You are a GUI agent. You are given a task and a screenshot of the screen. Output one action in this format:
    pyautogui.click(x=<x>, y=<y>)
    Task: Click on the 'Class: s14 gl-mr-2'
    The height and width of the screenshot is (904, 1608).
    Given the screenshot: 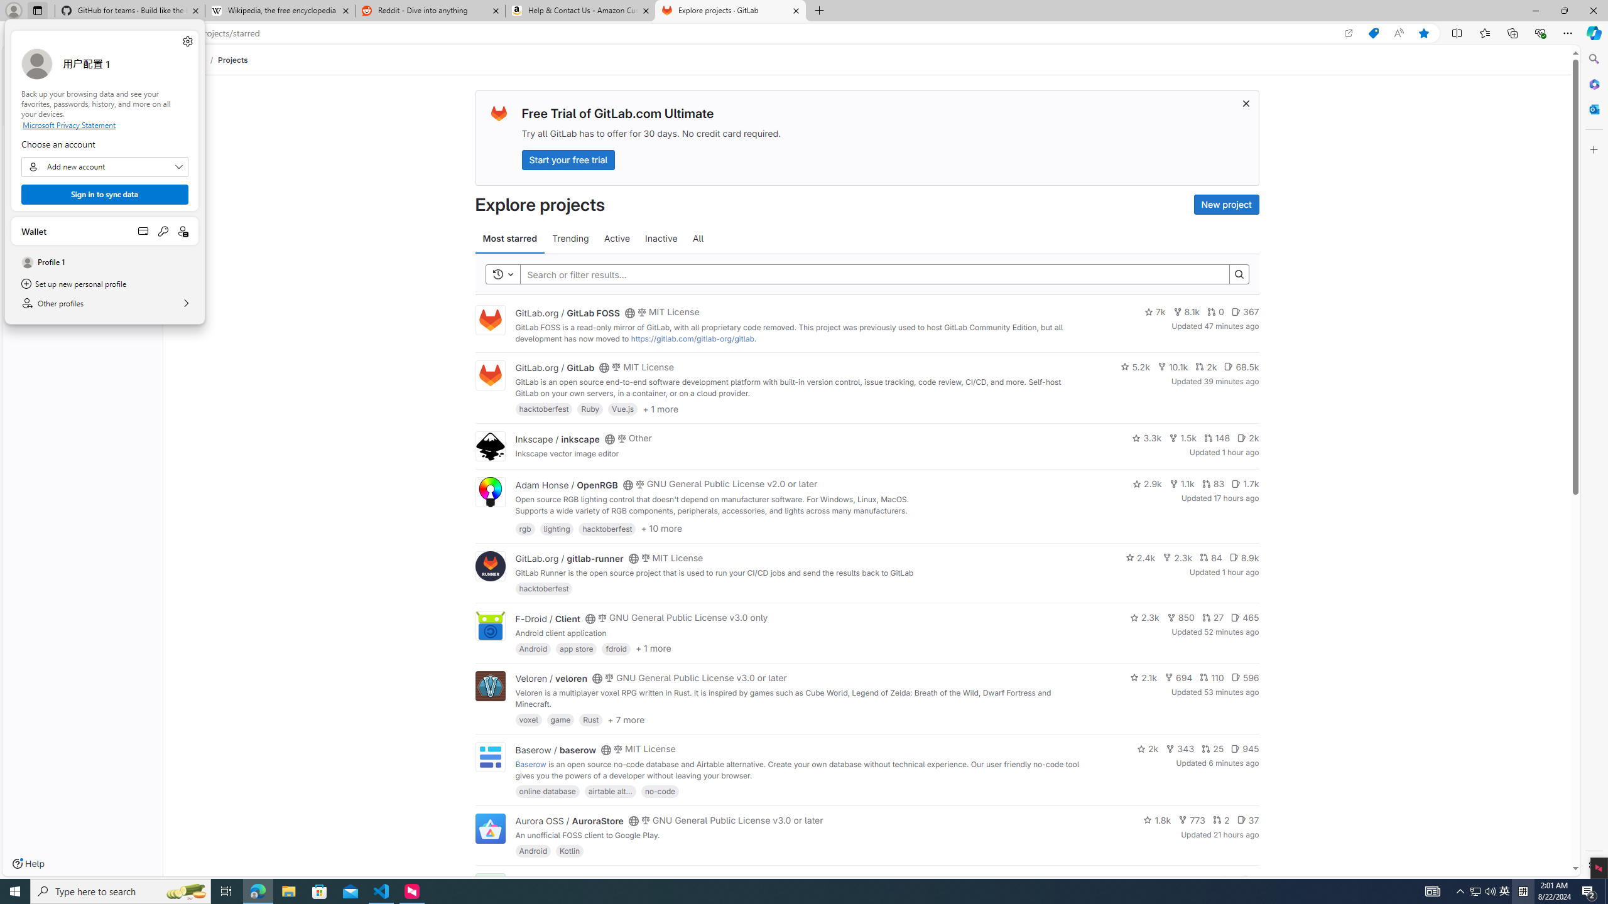 What is the action you would take?
    pyautogui.click(x=1246, y=880)
    